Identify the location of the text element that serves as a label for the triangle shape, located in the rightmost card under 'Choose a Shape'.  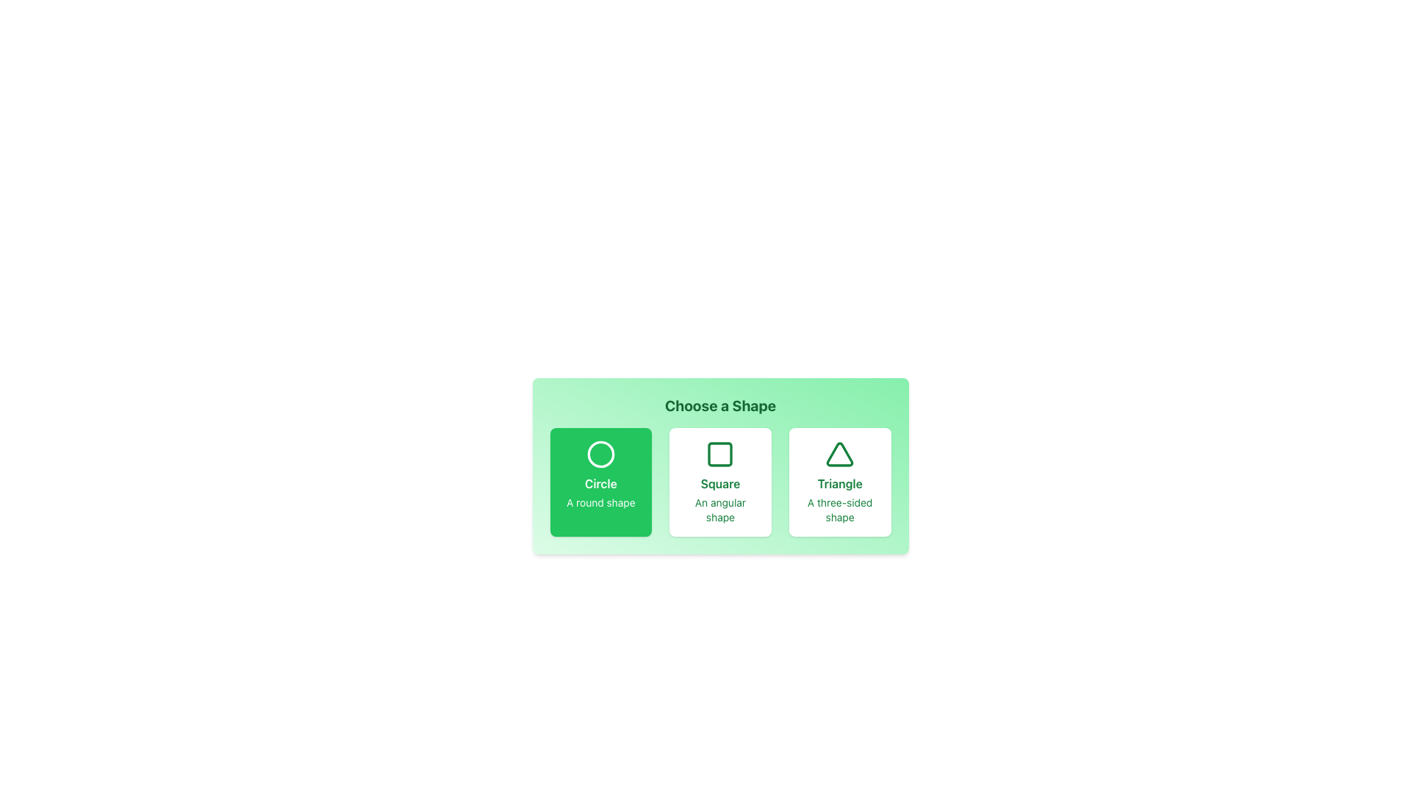
(840, 484).